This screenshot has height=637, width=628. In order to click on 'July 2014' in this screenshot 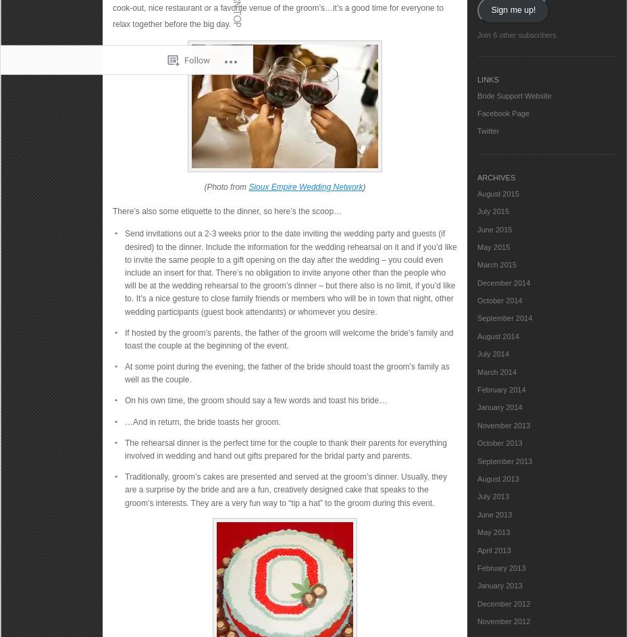, I will do `click(493, 354)`.